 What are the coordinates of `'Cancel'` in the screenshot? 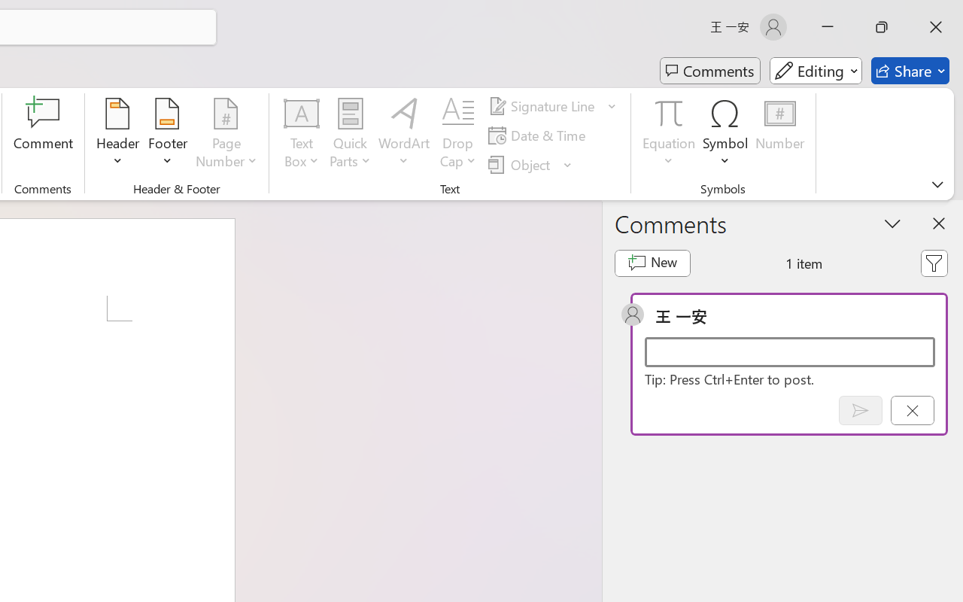 It's located at (911, 410).